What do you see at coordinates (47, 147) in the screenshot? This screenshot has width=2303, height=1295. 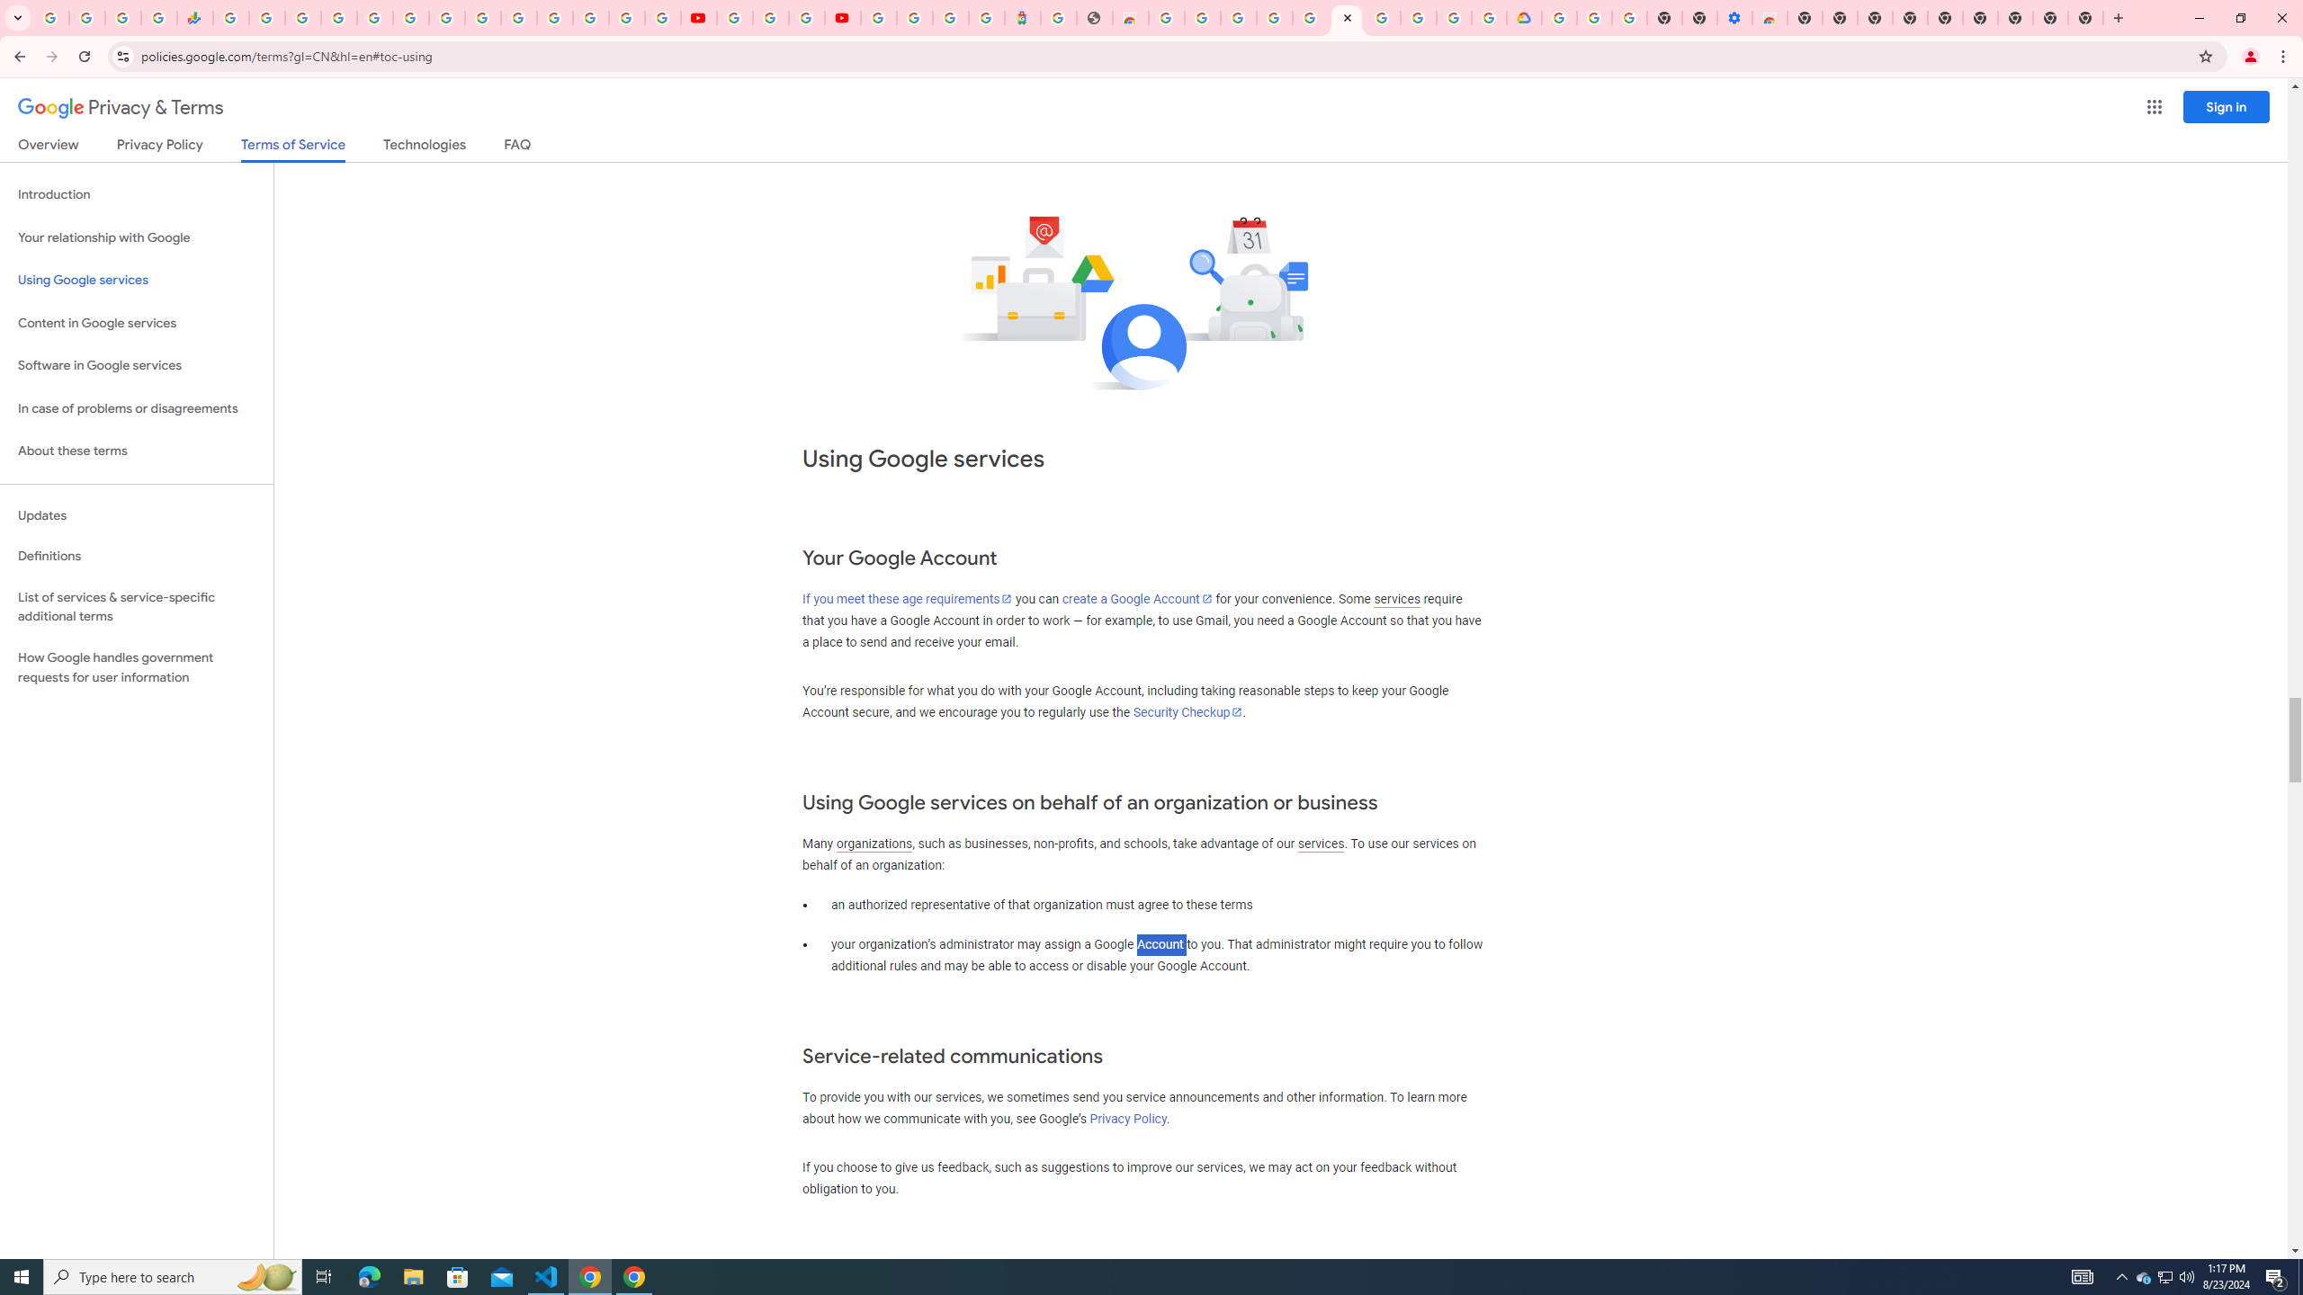 I see `'Overview'` at bounding box center [47, 147].